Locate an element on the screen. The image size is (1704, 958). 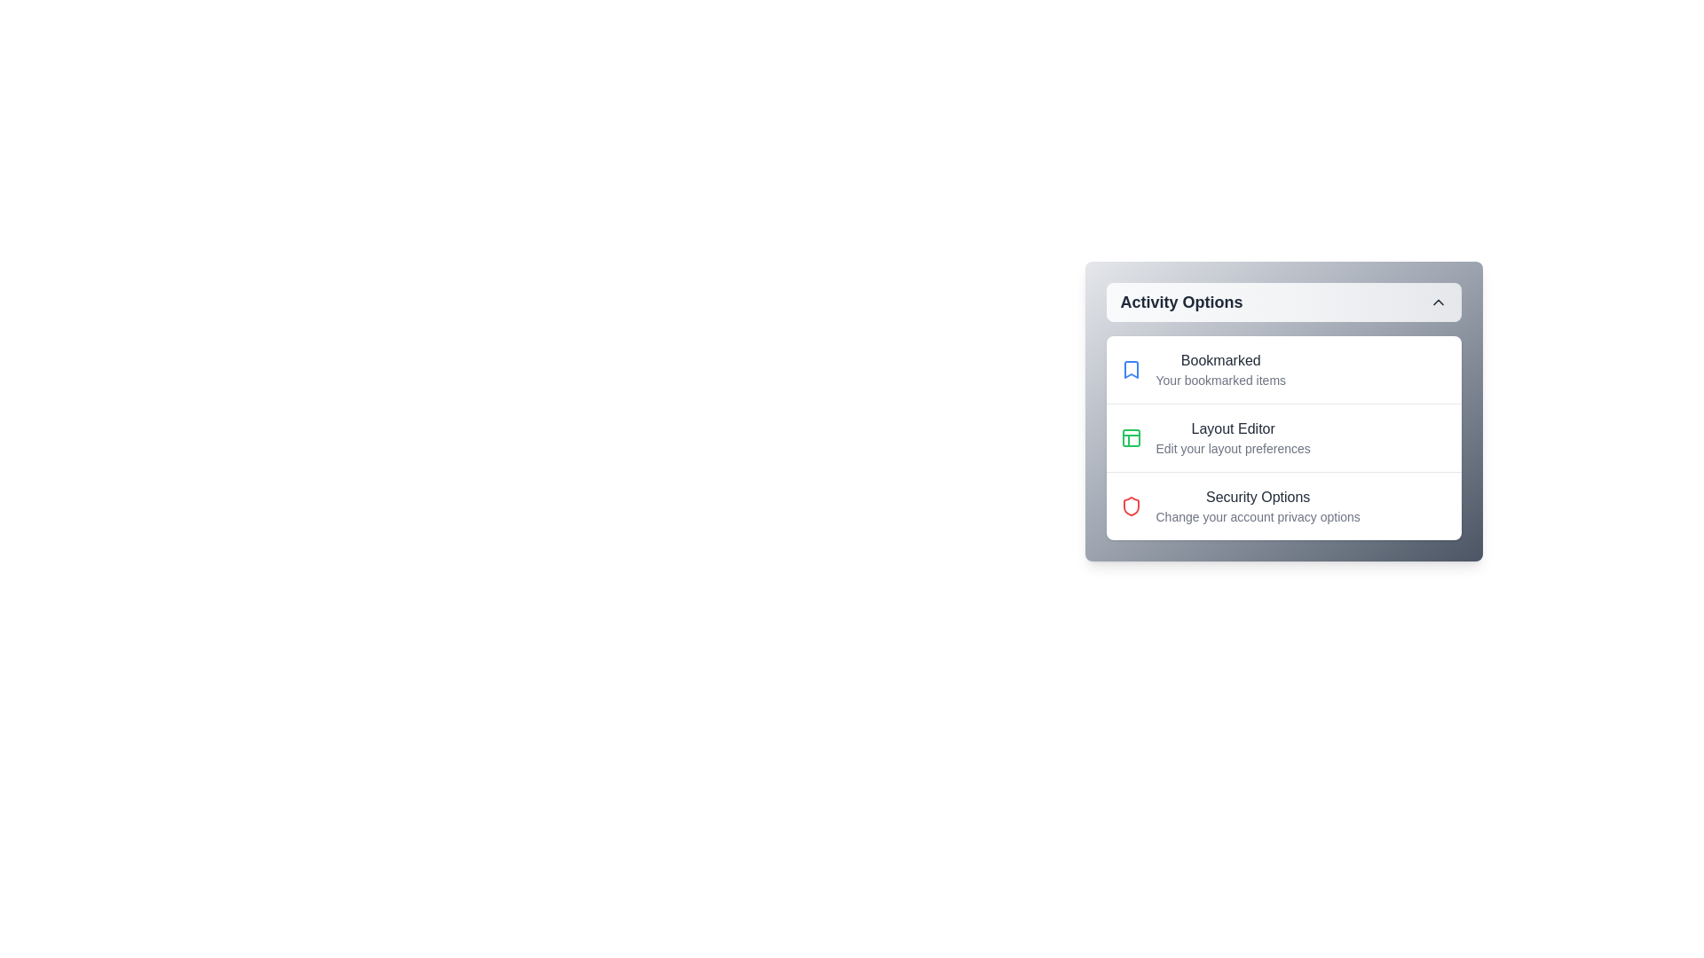
text content of the Label titled 'Bookmarked' with subtext 'Your bookmarked items', located in the upper section of the 'Activity Options' menu is located at coordinates (1219, 368).